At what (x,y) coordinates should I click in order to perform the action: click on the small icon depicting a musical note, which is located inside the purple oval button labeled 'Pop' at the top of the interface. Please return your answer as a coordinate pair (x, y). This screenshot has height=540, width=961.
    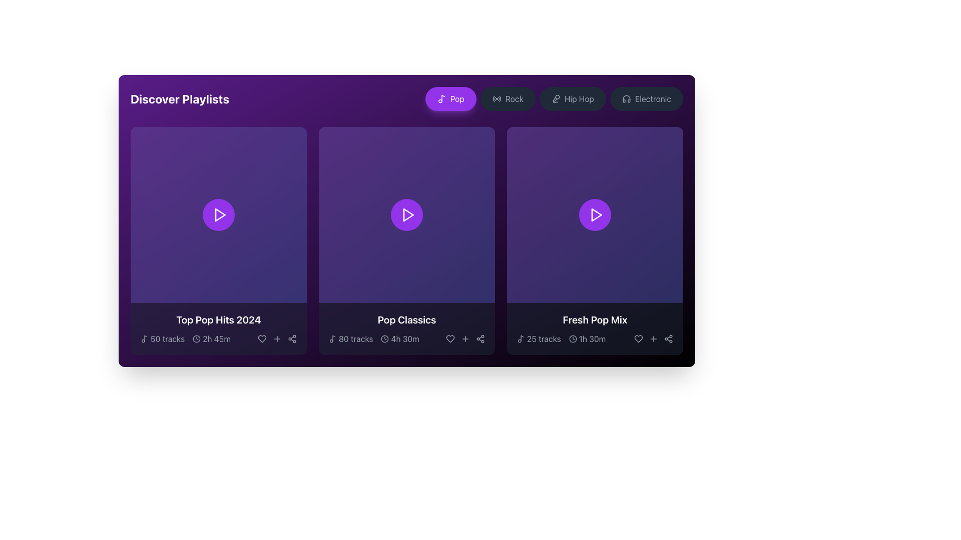
    Looking at the image, I should click on (441, 98).